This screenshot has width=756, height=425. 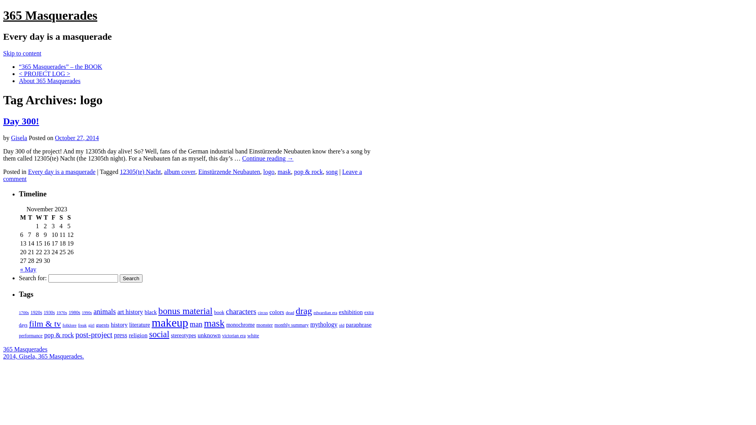 What do you see at coordinates (303, 310) in the screenshot?
I see `'drag'` at bounding box center [303, 310].